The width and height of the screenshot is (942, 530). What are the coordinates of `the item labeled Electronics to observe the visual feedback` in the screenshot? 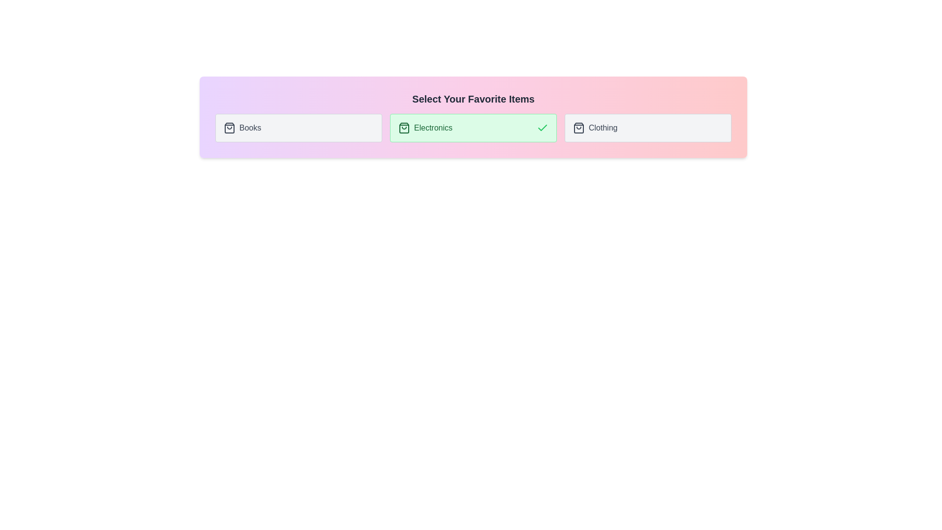 It's located at (473, 128).